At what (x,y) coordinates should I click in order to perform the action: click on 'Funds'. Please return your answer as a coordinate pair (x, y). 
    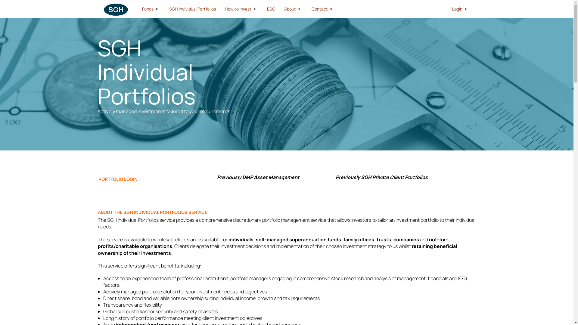
    Looking at the image, I should click on (151, 9).